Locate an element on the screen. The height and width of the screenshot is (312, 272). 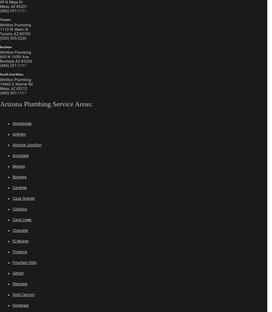
'Avondale' is located at coordinates (12, 155).